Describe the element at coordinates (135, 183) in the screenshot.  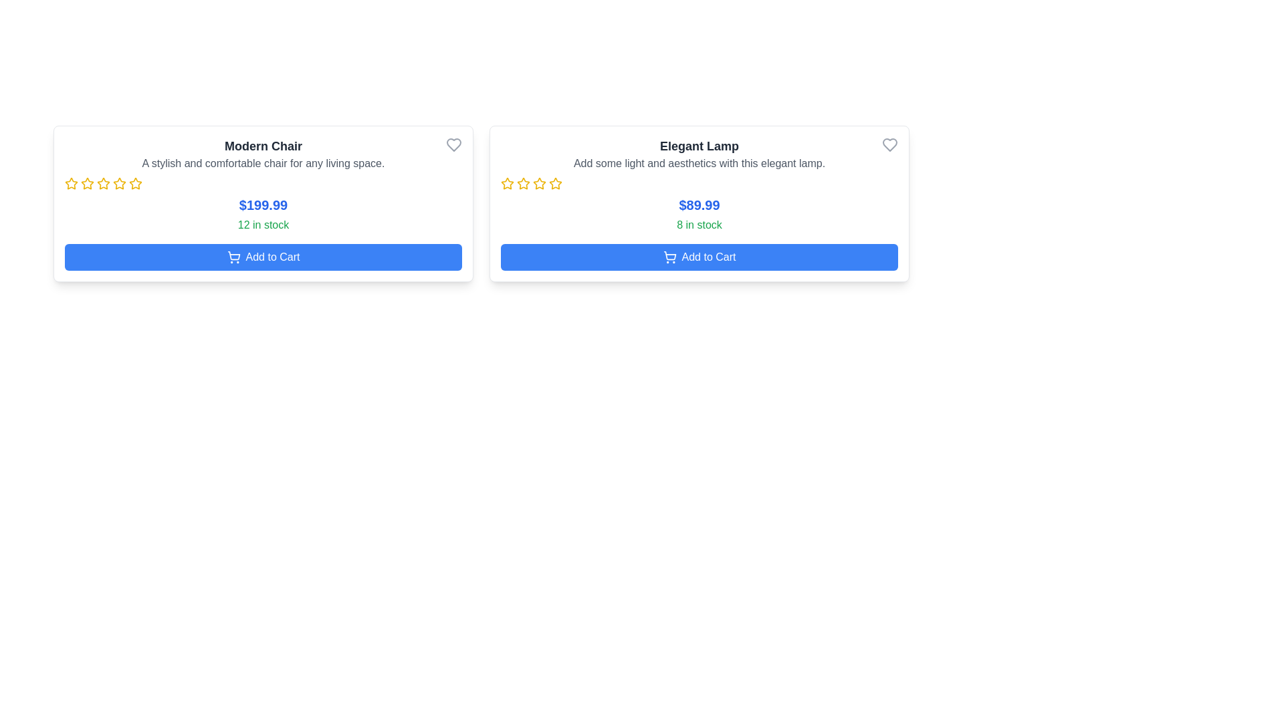
I see `the fifth rating star icon in the horizontal row located below the product title 'Modern Chair'` at that location.